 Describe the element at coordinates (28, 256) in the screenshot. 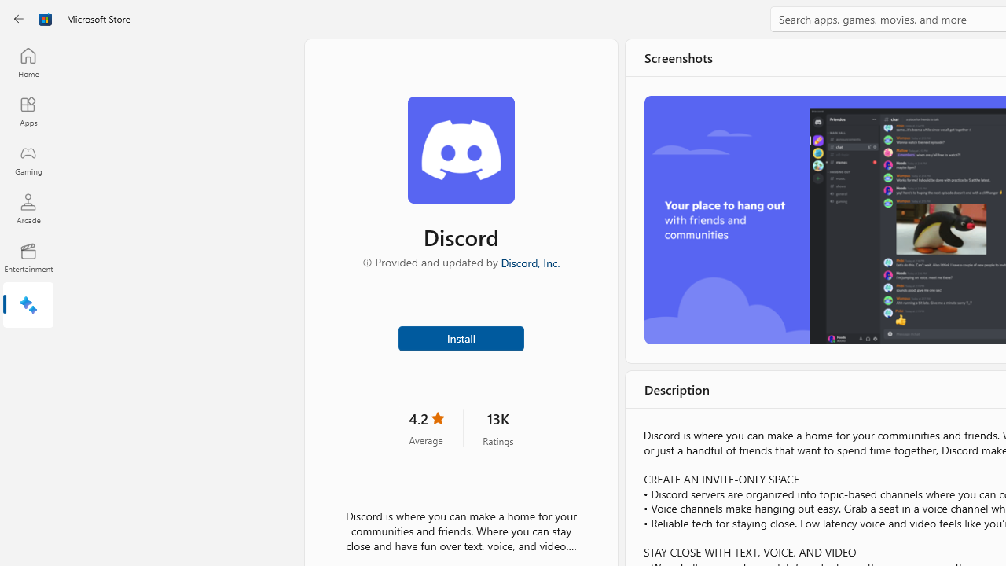

I see `'Entertainment'` at that location.